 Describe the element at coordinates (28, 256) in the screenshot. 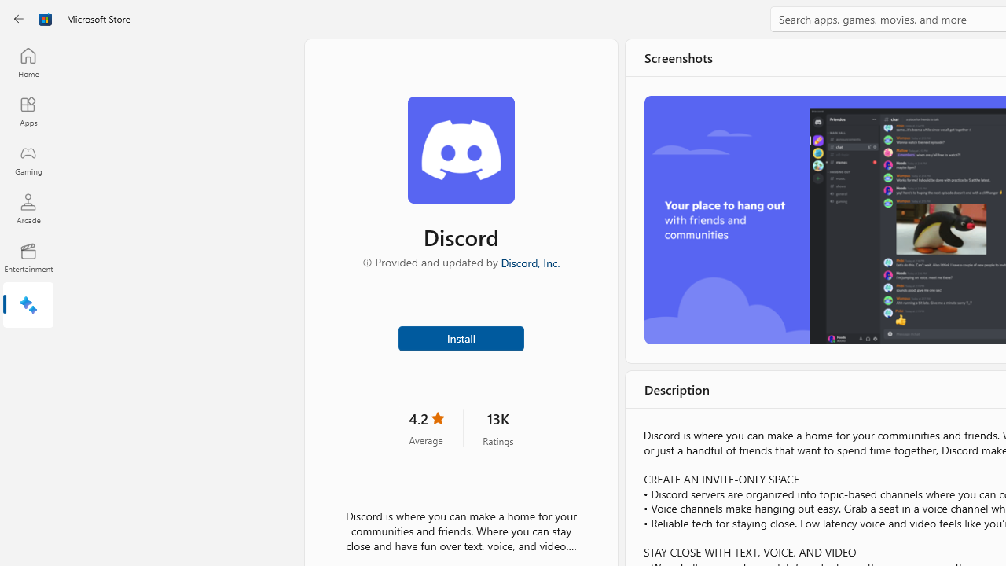

I see `'Entertainment'` at that location.